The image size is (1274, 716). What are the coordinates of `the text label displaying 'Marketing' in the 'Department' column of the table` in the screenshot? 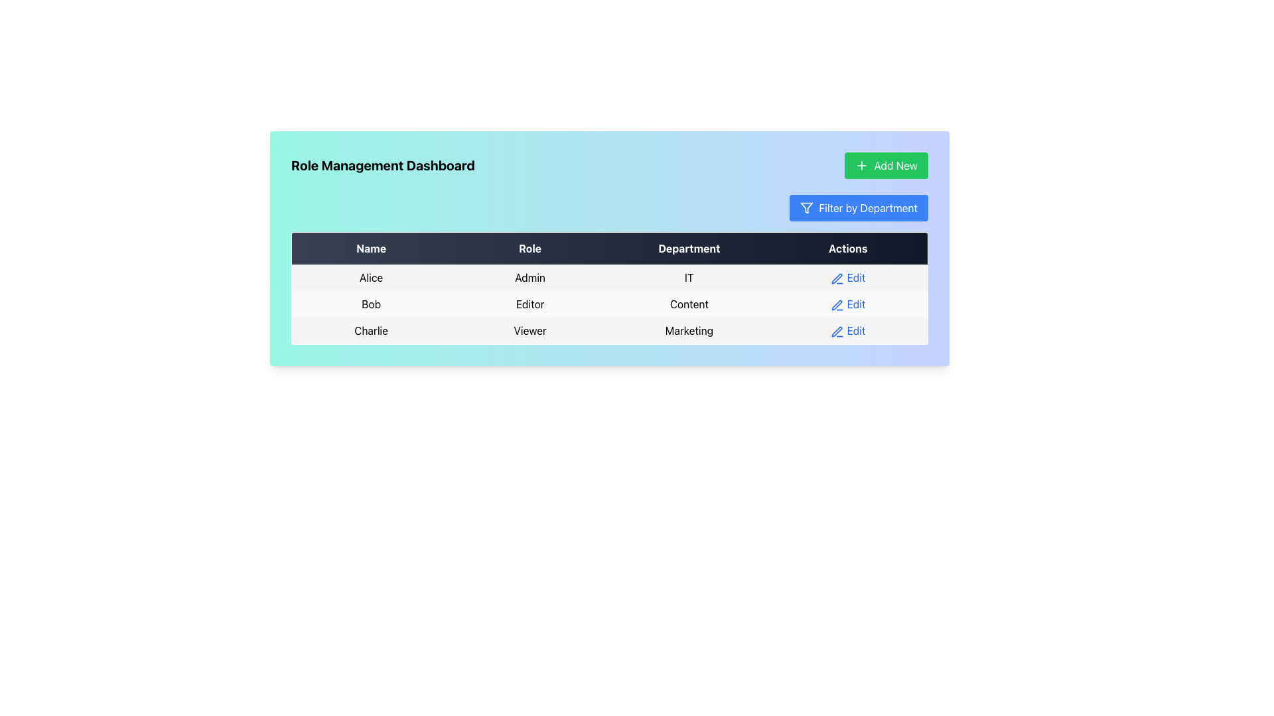 It's located at (689, 330).